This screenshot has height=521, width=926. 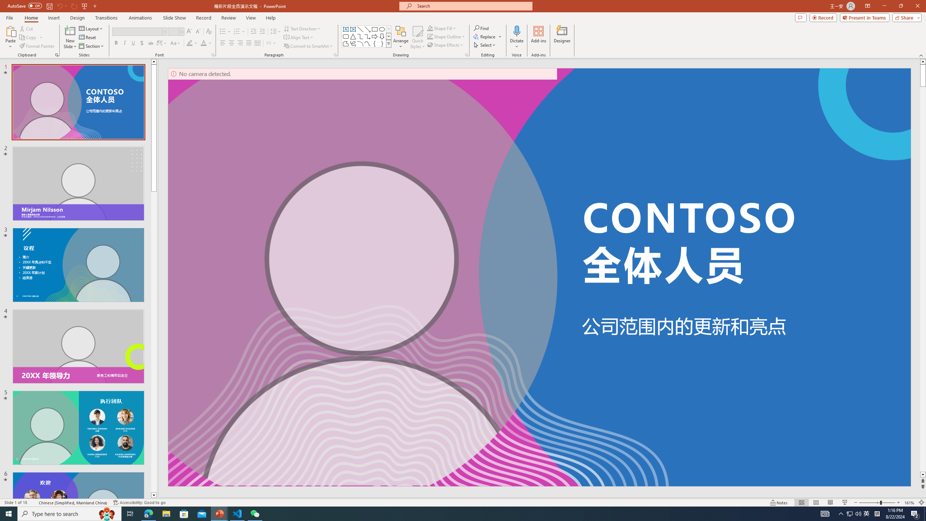 What do you see at coordinates (34, 503) in the screenshot?
I see `'Spell Check '` at bounding box center [34, 503].